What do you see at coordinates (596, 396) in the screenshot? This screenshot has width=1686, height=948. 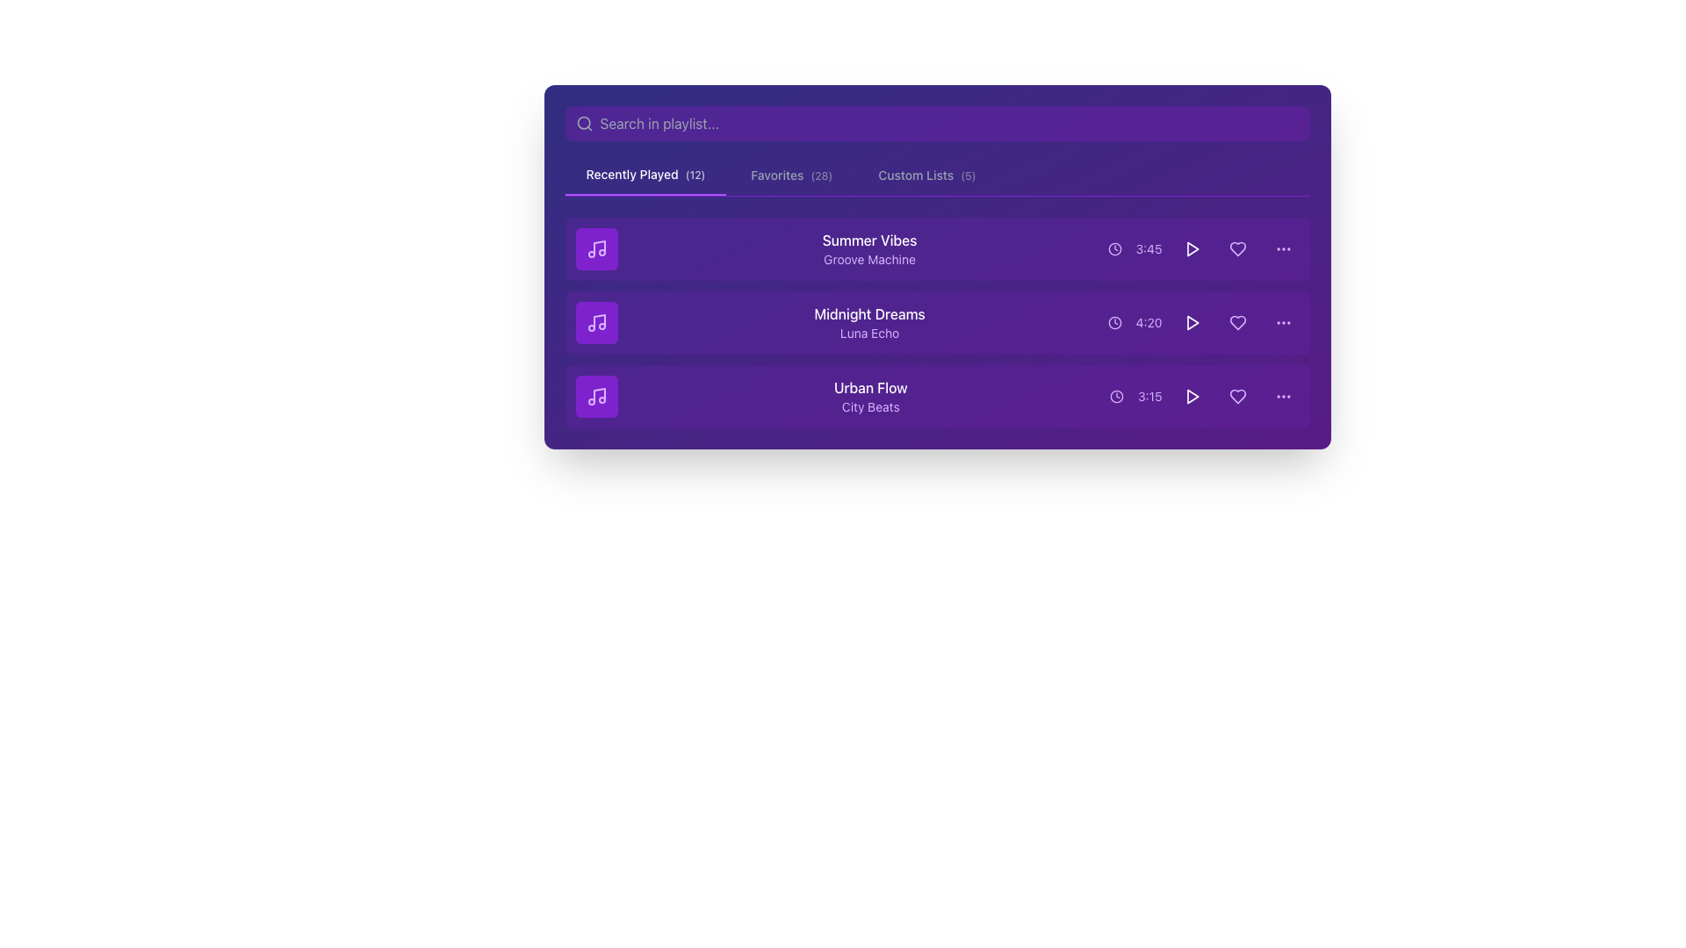 I see `the graphical icon that serves as a visual indicator for a music-related item, positioned last in the vertical list of icons on the left side of the interface, aligning with the 'Urban Flow' item in the track listing` at bounding box center [596, 396].